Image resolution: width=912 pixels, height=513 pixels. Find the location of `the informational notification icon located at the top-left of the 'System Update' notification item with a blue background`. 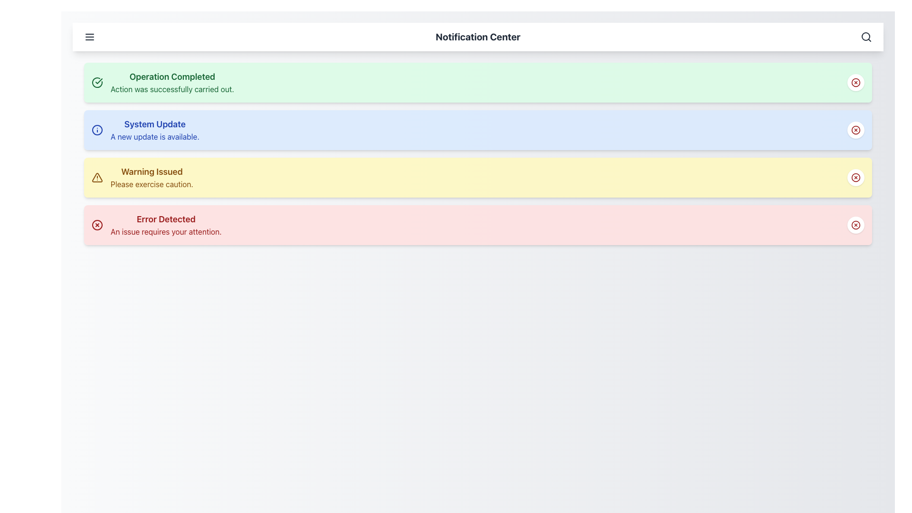

the informational notification icon located at the top-left of the 'System Update' notification item with a blue background is located at coordinates (97, 130).